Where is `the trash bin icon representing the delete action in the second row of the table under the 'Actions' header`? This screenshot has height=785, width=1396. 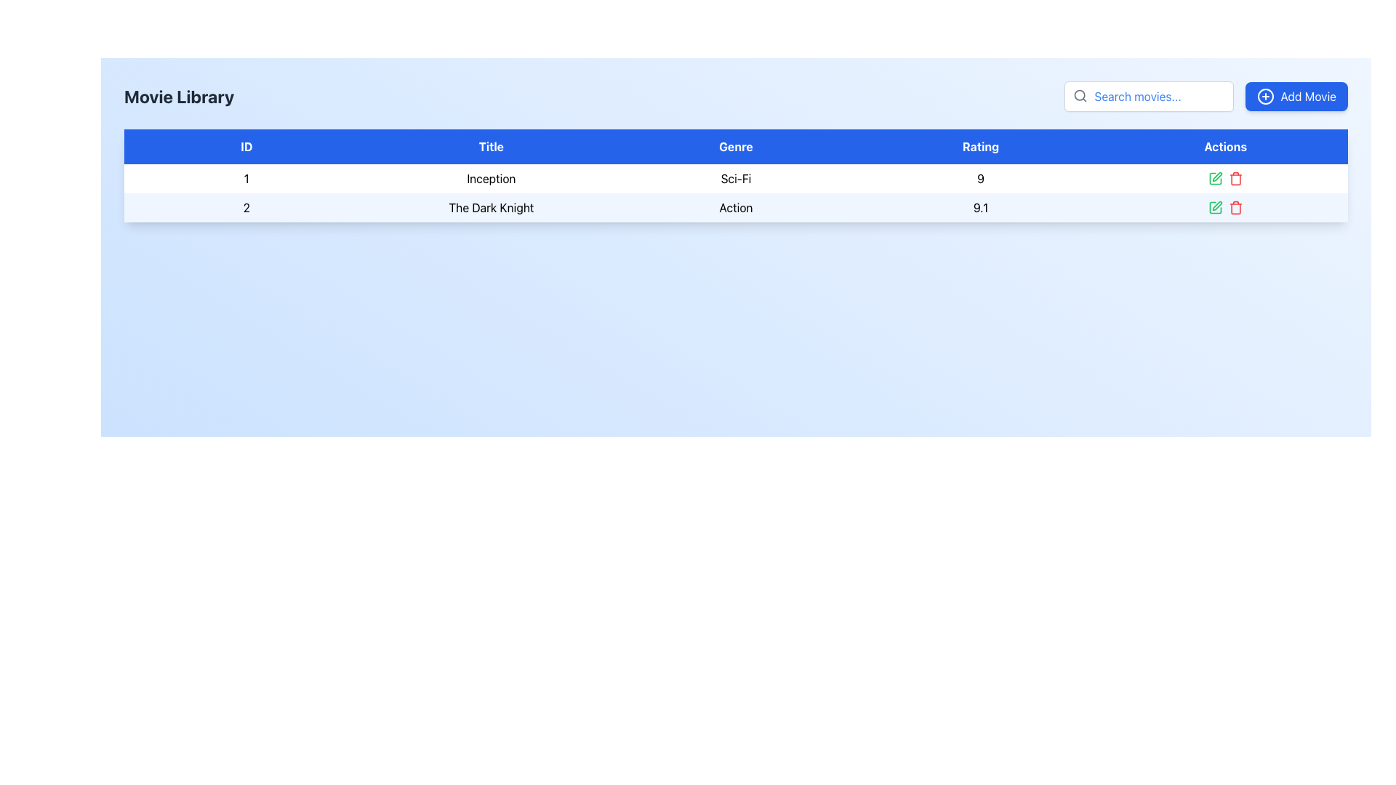 the trash bin icon representing the delete action in the second row of the table under the 'Actions' header is located at coordinates (1235, 209).